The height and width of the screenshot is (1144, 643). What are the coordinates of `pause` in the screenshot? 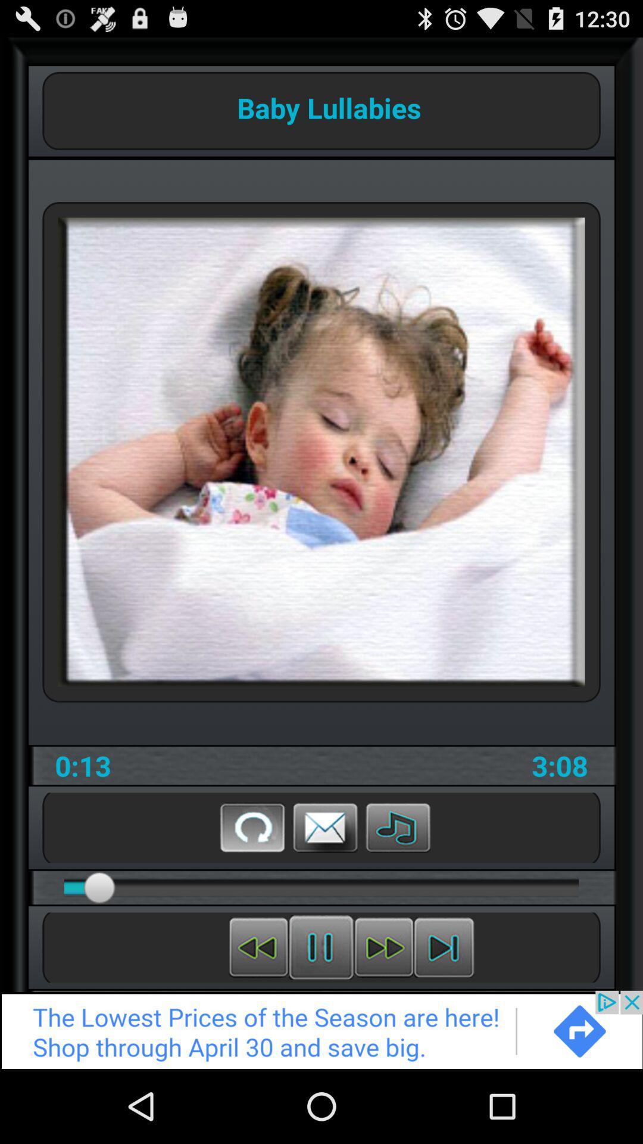 It's located at (320, 947).